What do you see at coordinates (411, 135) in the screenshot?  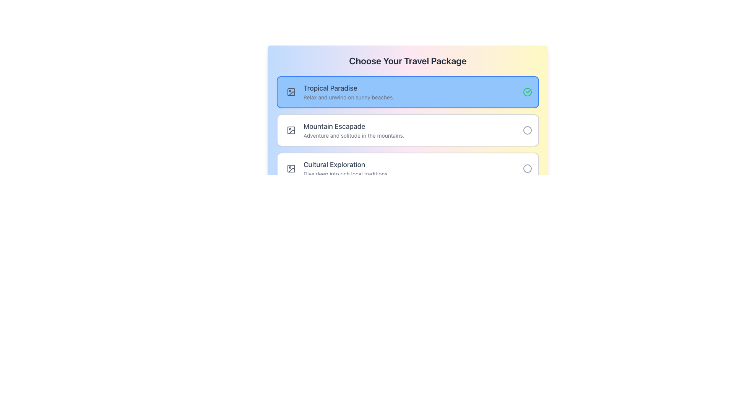 I see `the descriptive subtitle element providing additional information about the 'Mountain Escapade' option in the selection menu, located directly below the title 'Mountain Escapade'` at bounding box center [411, 135].